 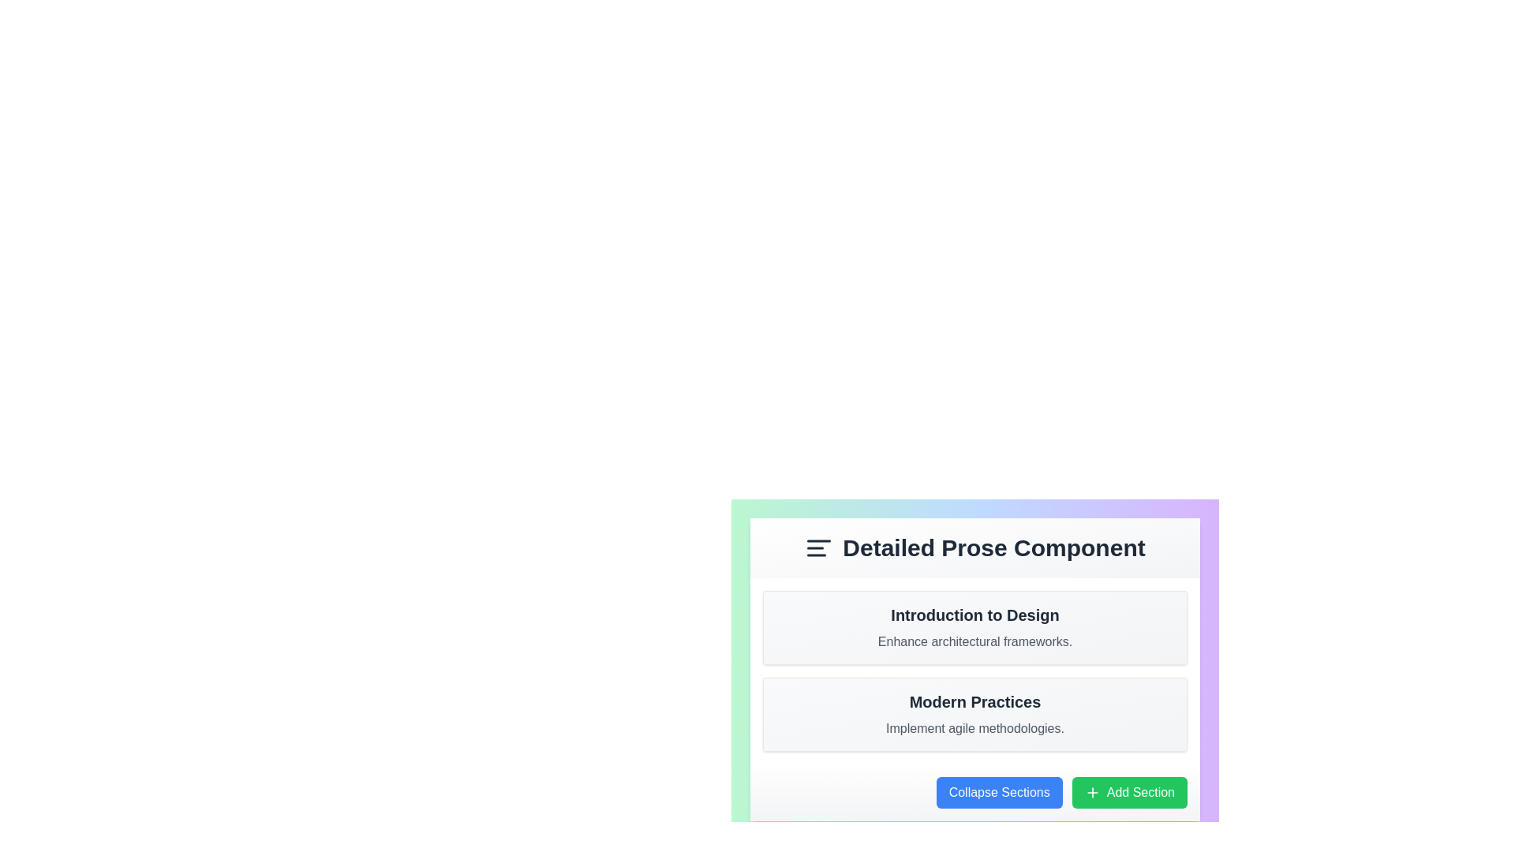 I want to click on the text label containing the phrase 'Enhance architectural frameworks.' for accessibility tools, so click(x=974, y=641).